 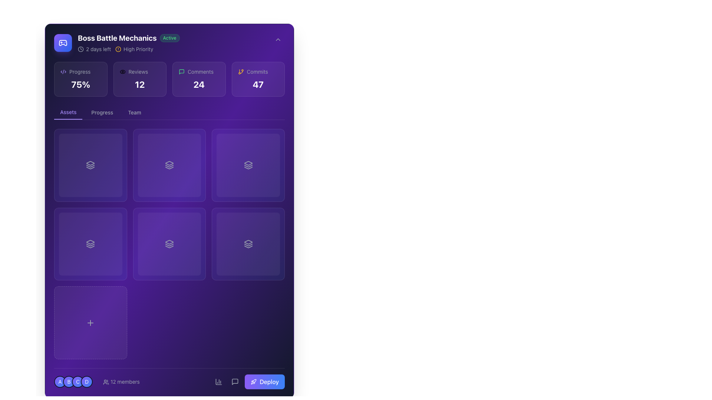 I want to click on the interactive grid item located in the middle column of the lower row, which is directly below the middle item of the top row, so click(x=169, y=244).